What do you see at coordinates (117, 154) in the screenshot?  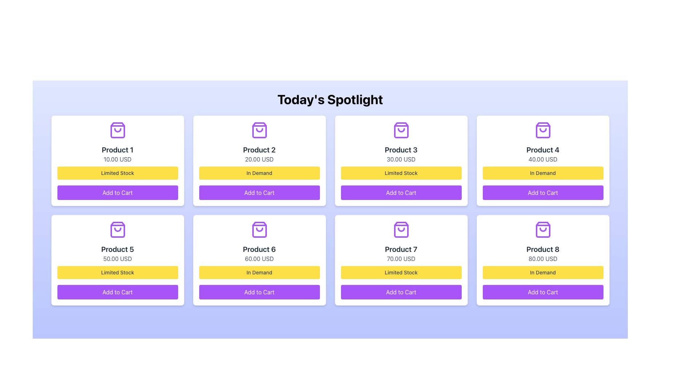 I see `the text label displaying 'Product 1' and '10.00 USD' within the first card of the grid layout, positioned above the 'Limited Stock' label` at bounding box center [117, 154].